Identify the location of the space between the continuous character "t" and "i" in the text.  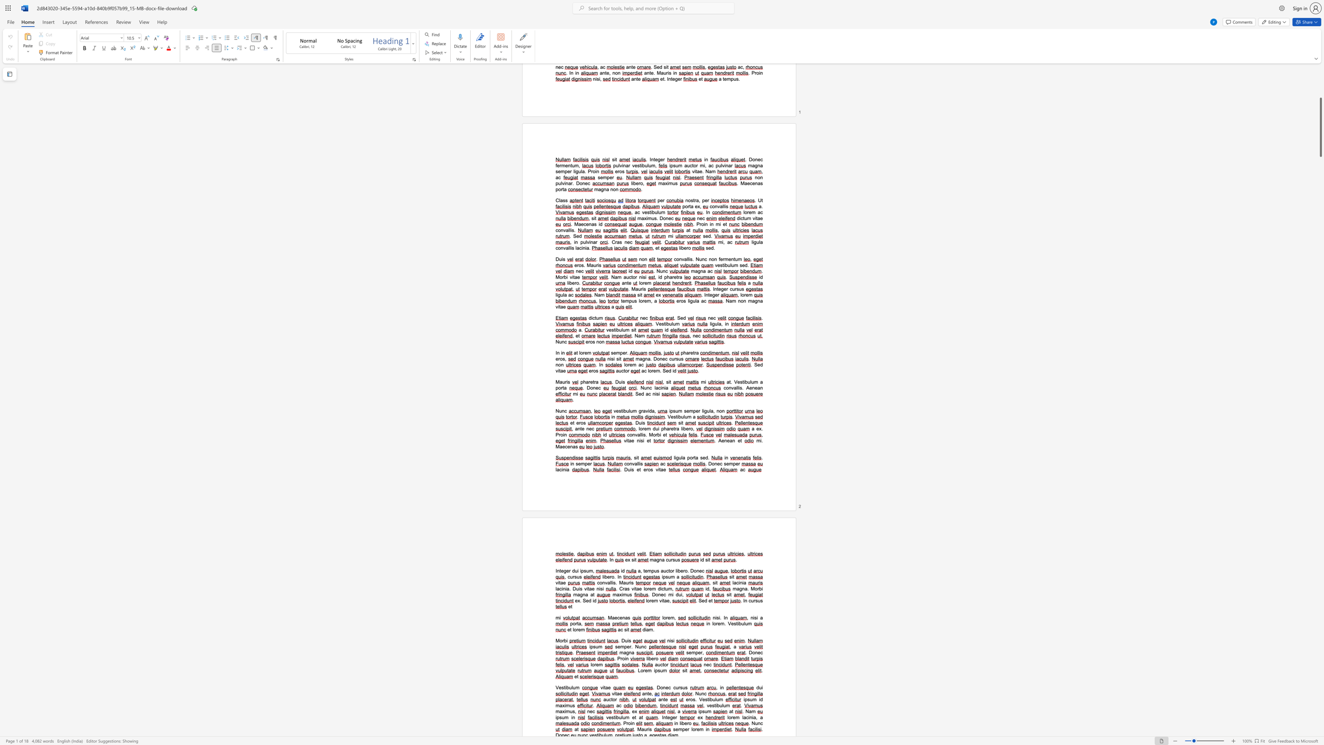
(677, 416).